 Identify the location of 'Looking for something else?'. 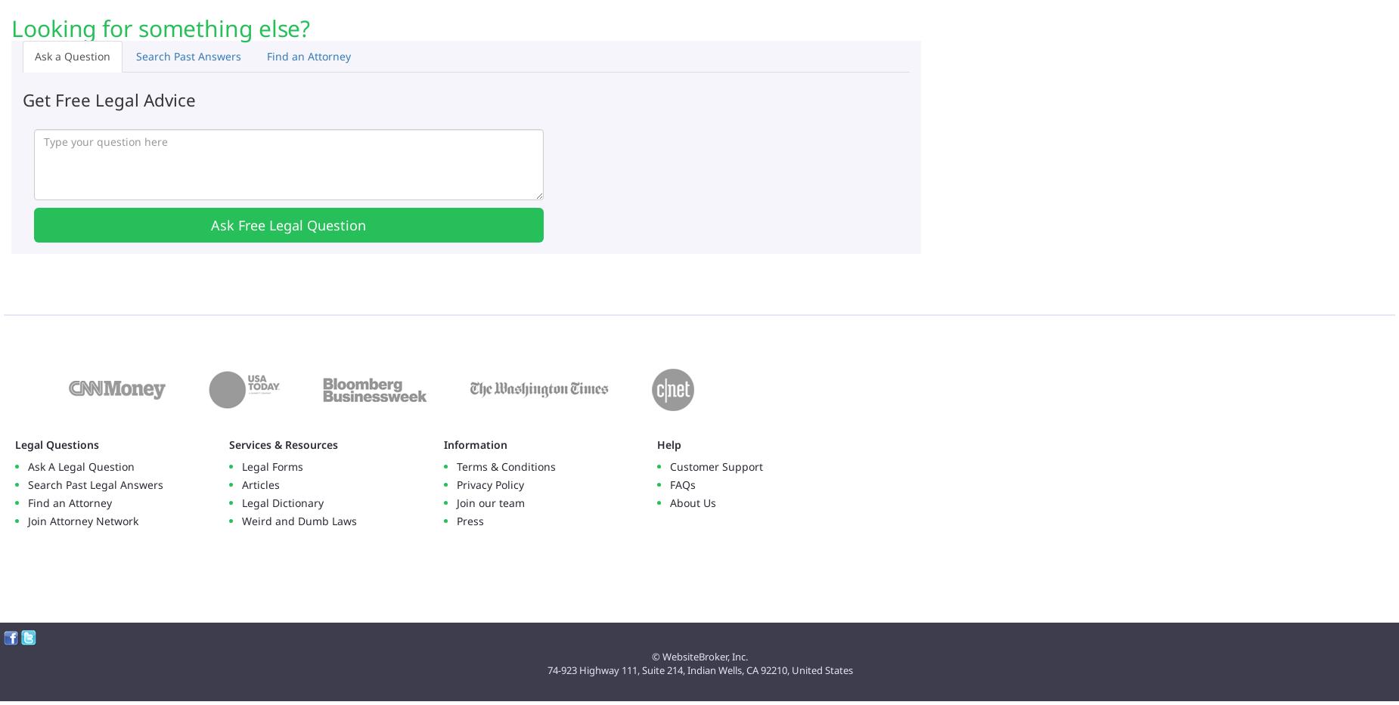
(160, 26).